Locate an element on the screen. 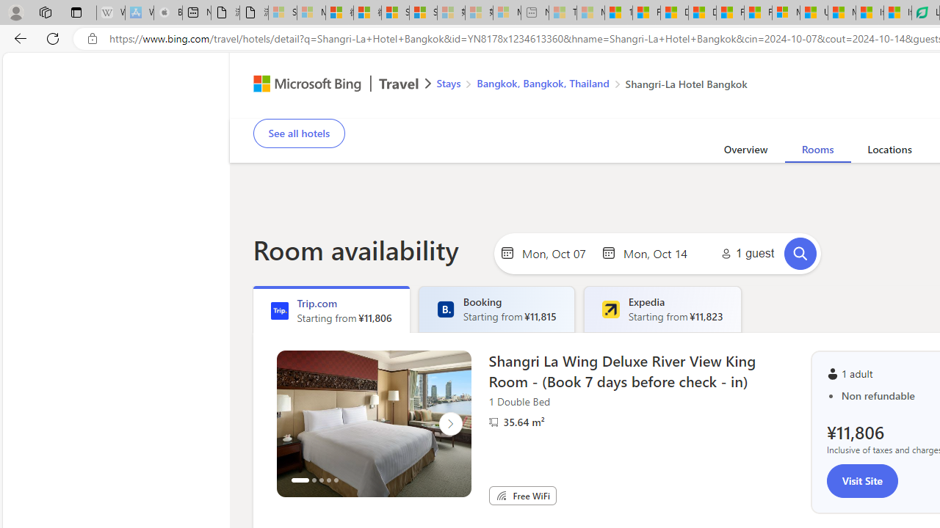 This screenshot has width=940, height=528. 'Bangkok, Bangkok, Thailand' is located at coordinates (542, 83).